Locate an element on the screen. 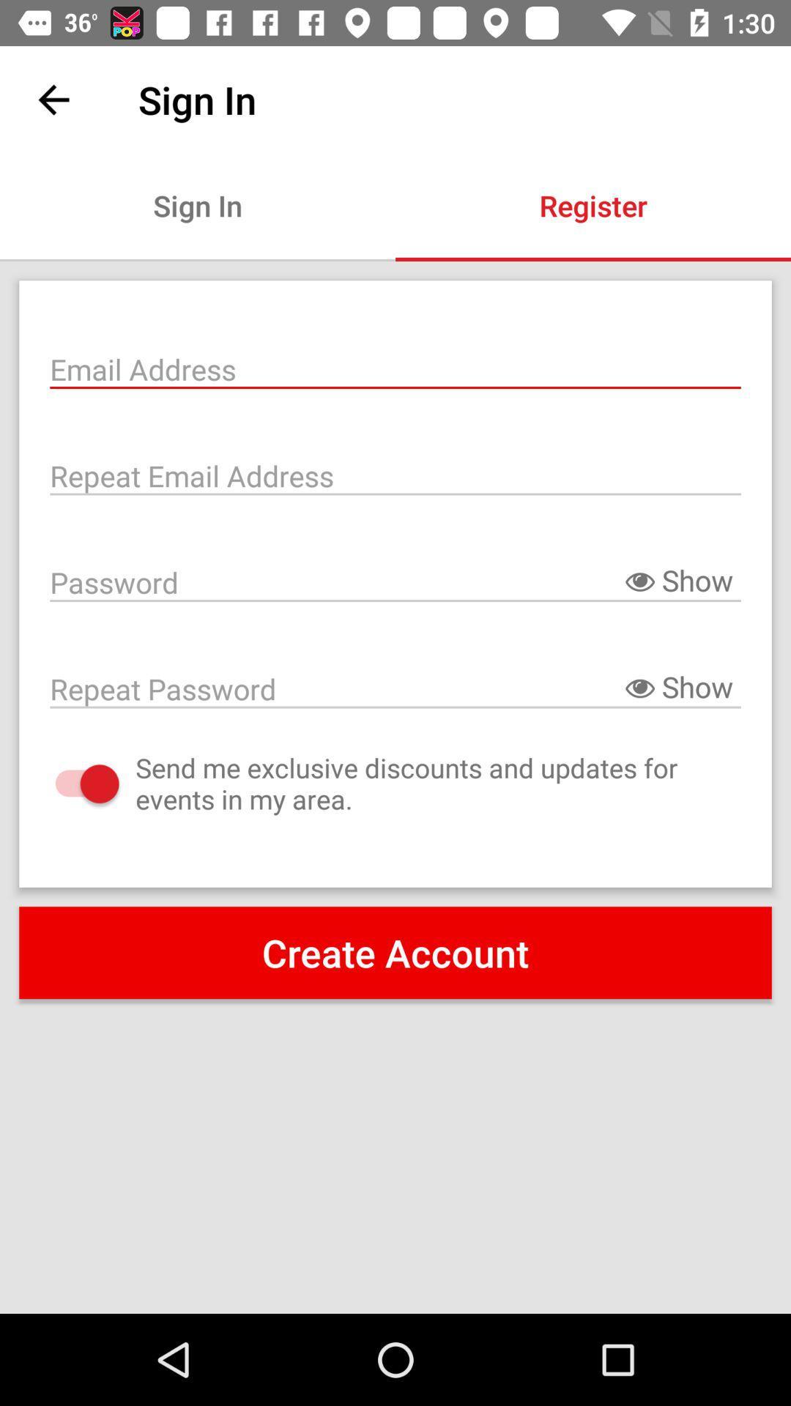 This screenshot has height=1406, width=791. item next to the sign in icon is located at coordinates (593, 204).